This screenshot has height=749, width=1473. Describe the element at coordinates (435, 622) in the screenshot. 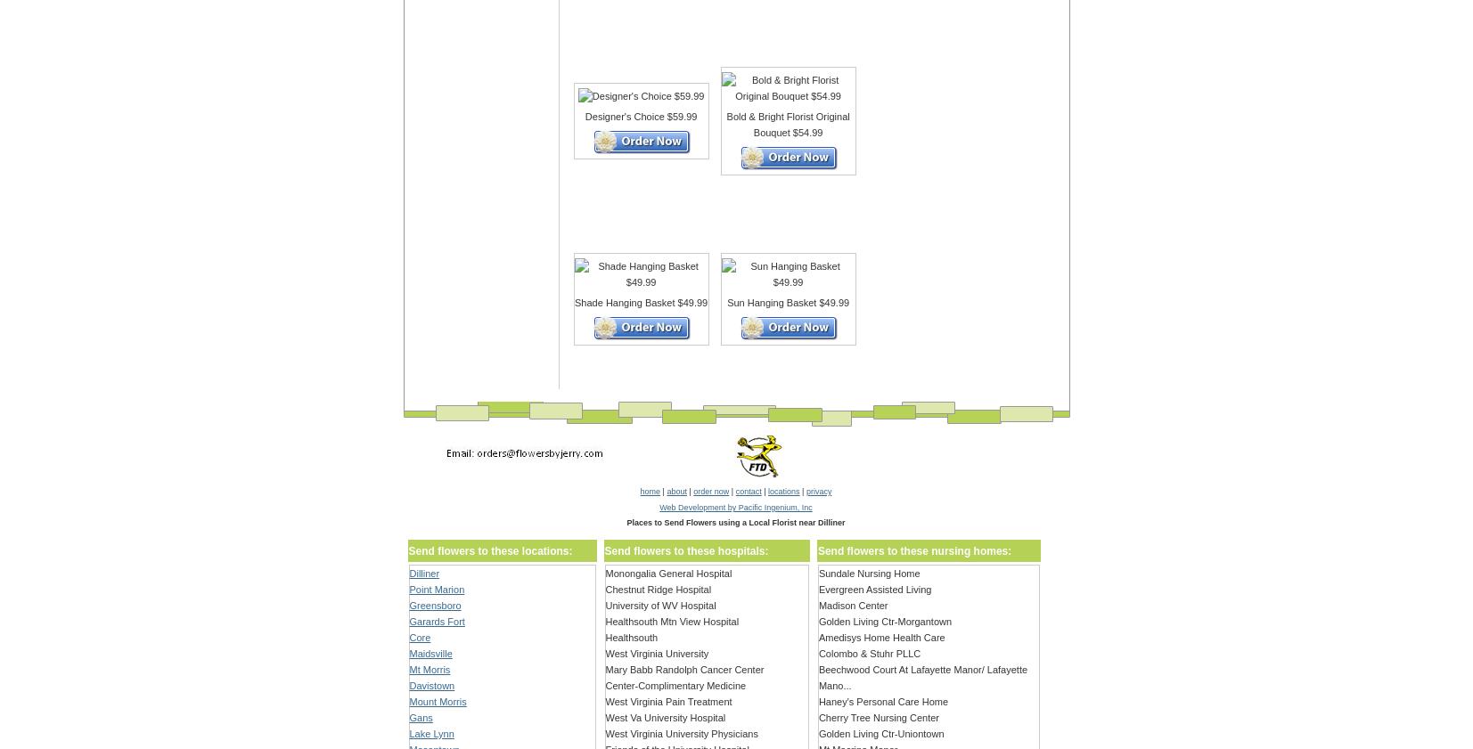

I see `'Garards Fort'` at that location.